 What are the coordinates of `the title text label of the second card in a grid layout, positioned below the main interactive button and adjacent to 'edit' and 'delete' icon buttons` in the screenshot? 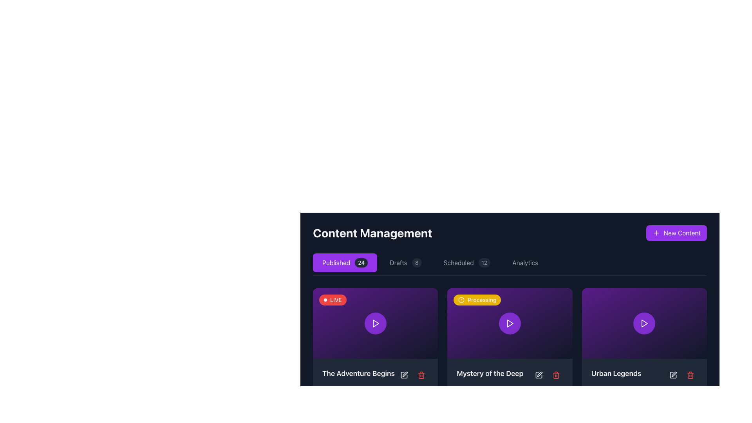 It's located at (510, 374).